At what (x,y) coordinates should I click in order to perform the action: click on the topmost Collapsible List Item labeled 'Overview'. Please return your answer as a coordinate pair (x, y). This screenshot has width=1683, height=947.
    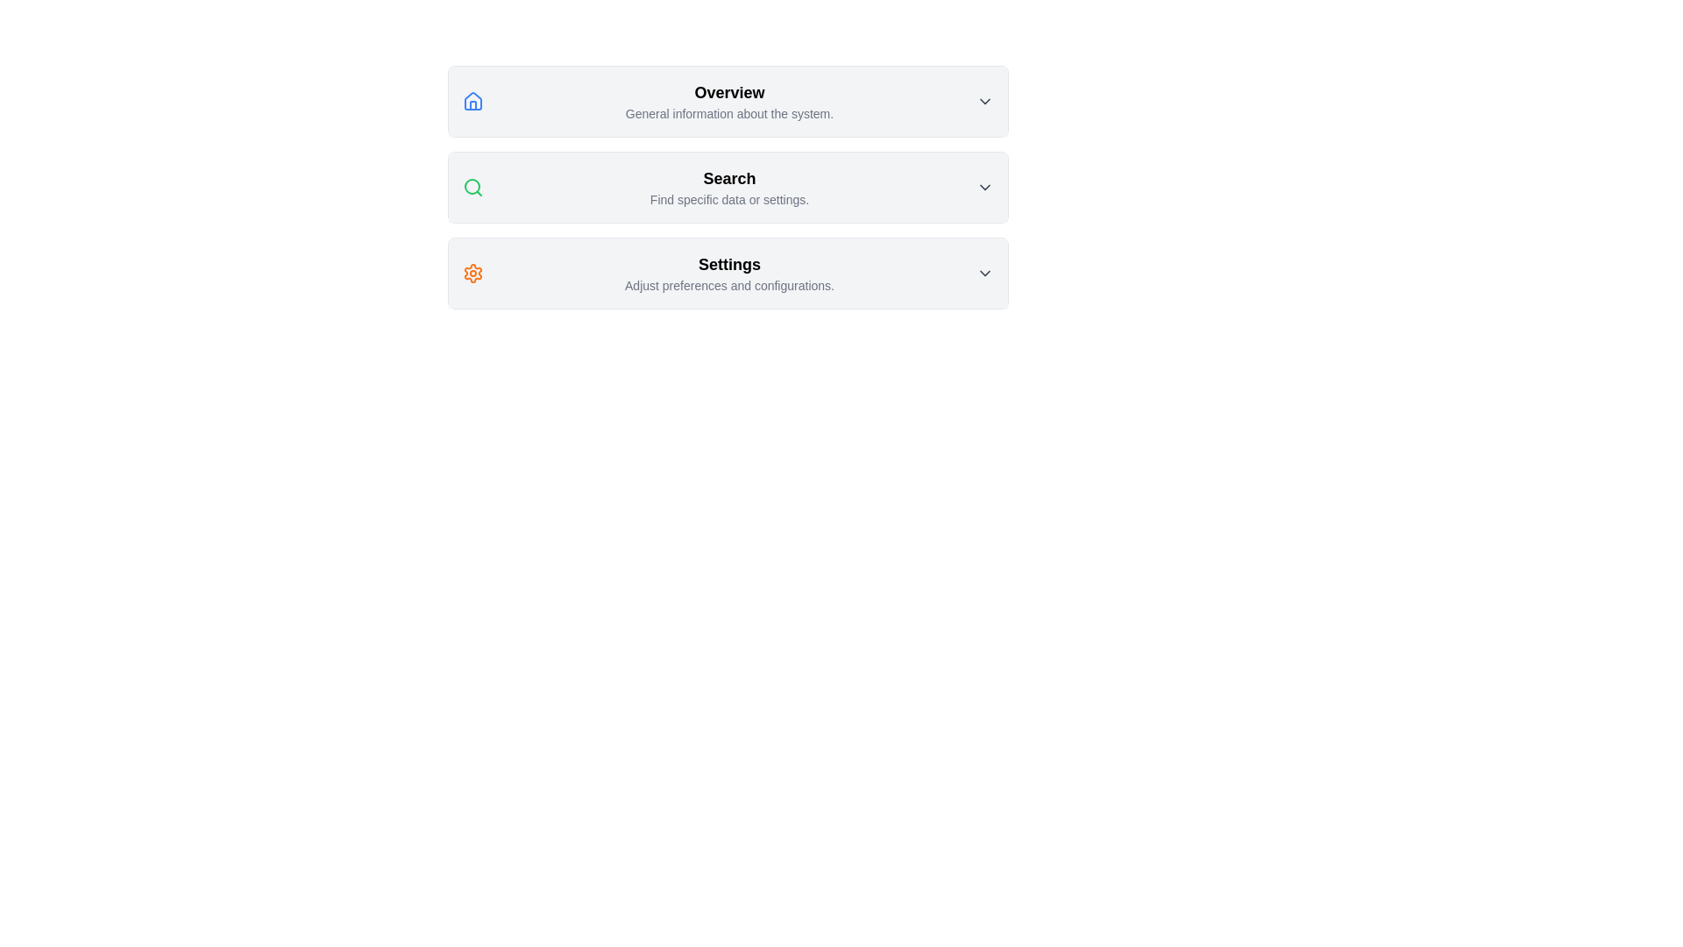
    Looking at the image, I should click on (728, 101).